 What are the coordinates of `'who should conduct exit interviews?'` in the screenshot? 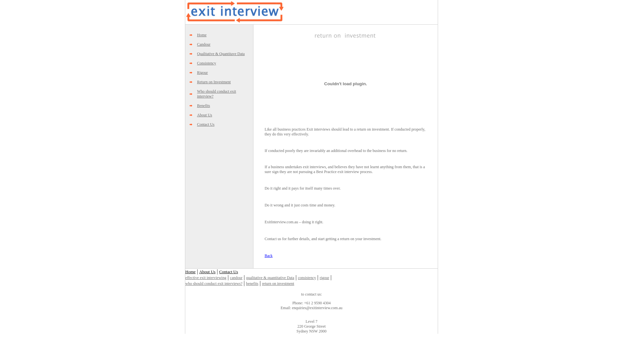 It's located at (214, 283).